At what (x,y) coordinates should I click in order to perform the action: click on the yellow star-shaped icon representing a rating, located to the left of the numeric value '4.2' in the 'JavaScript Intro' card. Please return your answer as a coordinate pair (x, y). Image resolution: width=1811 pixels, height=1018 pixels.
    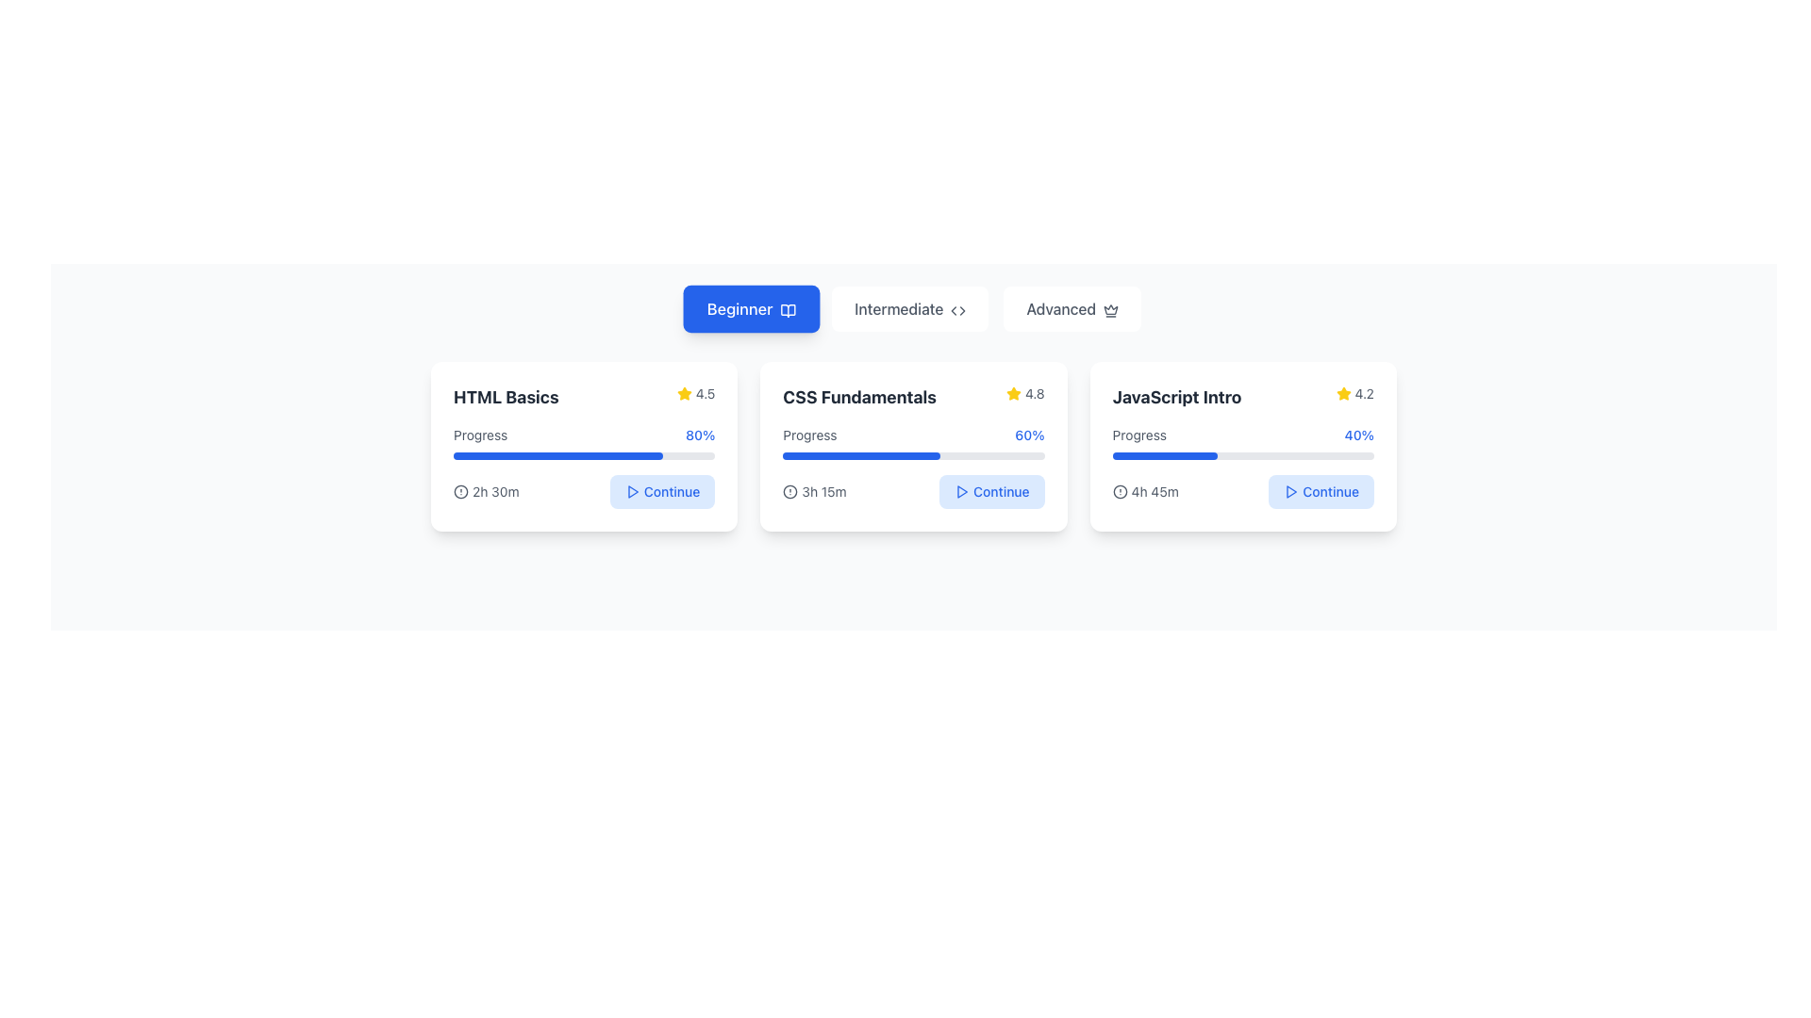
    Looking at the image, I should click on (1342, 392).